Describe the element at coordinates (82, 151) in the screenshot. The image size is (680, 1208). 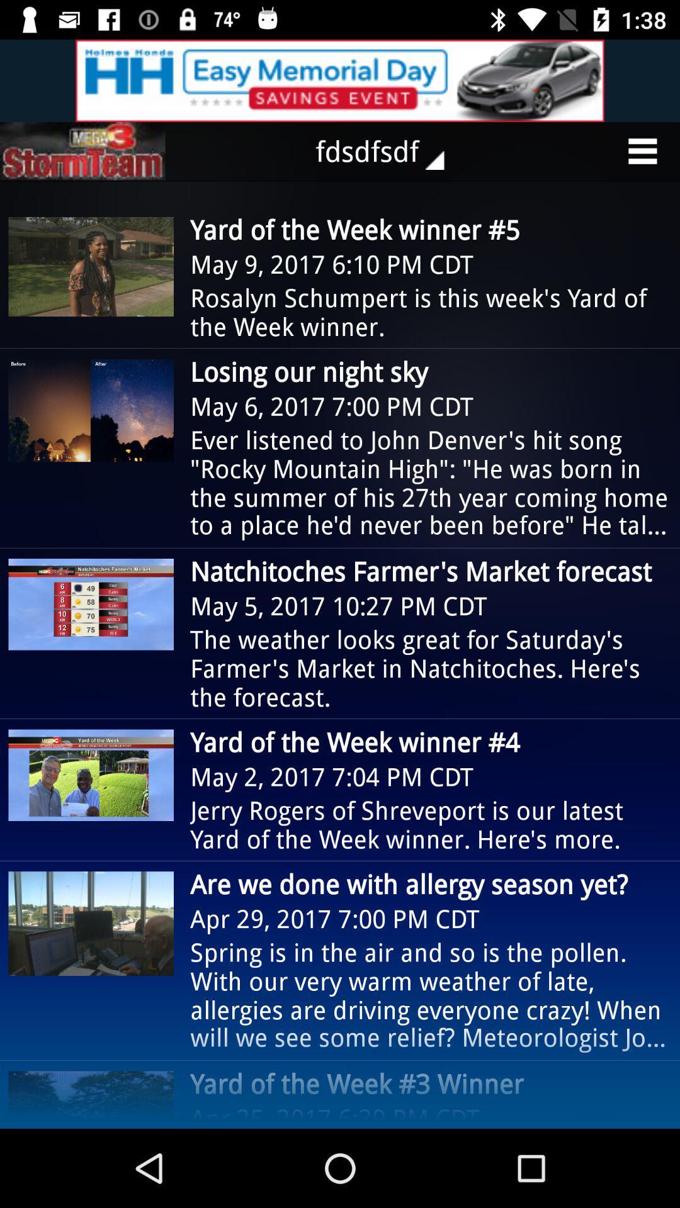
I see `item to the left of fdsdfsdf icon` at that location.